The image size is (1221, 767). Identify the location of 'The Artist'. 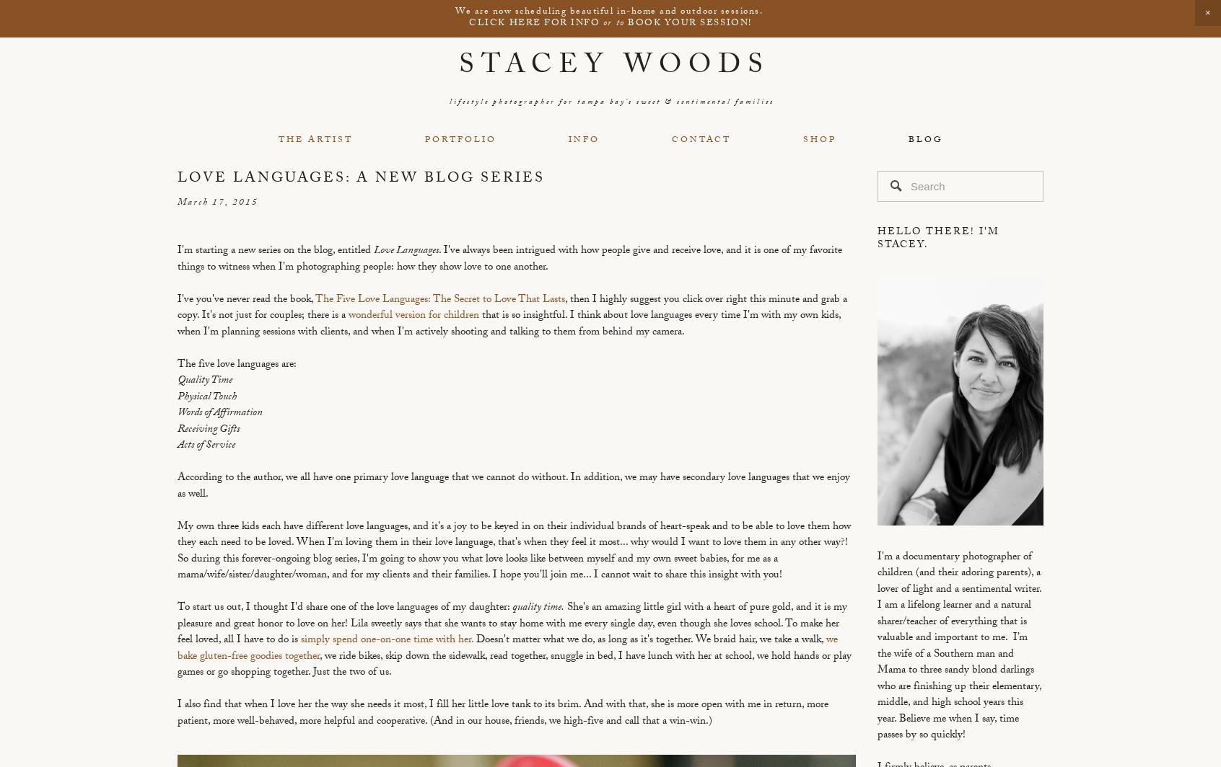
(314, 139).